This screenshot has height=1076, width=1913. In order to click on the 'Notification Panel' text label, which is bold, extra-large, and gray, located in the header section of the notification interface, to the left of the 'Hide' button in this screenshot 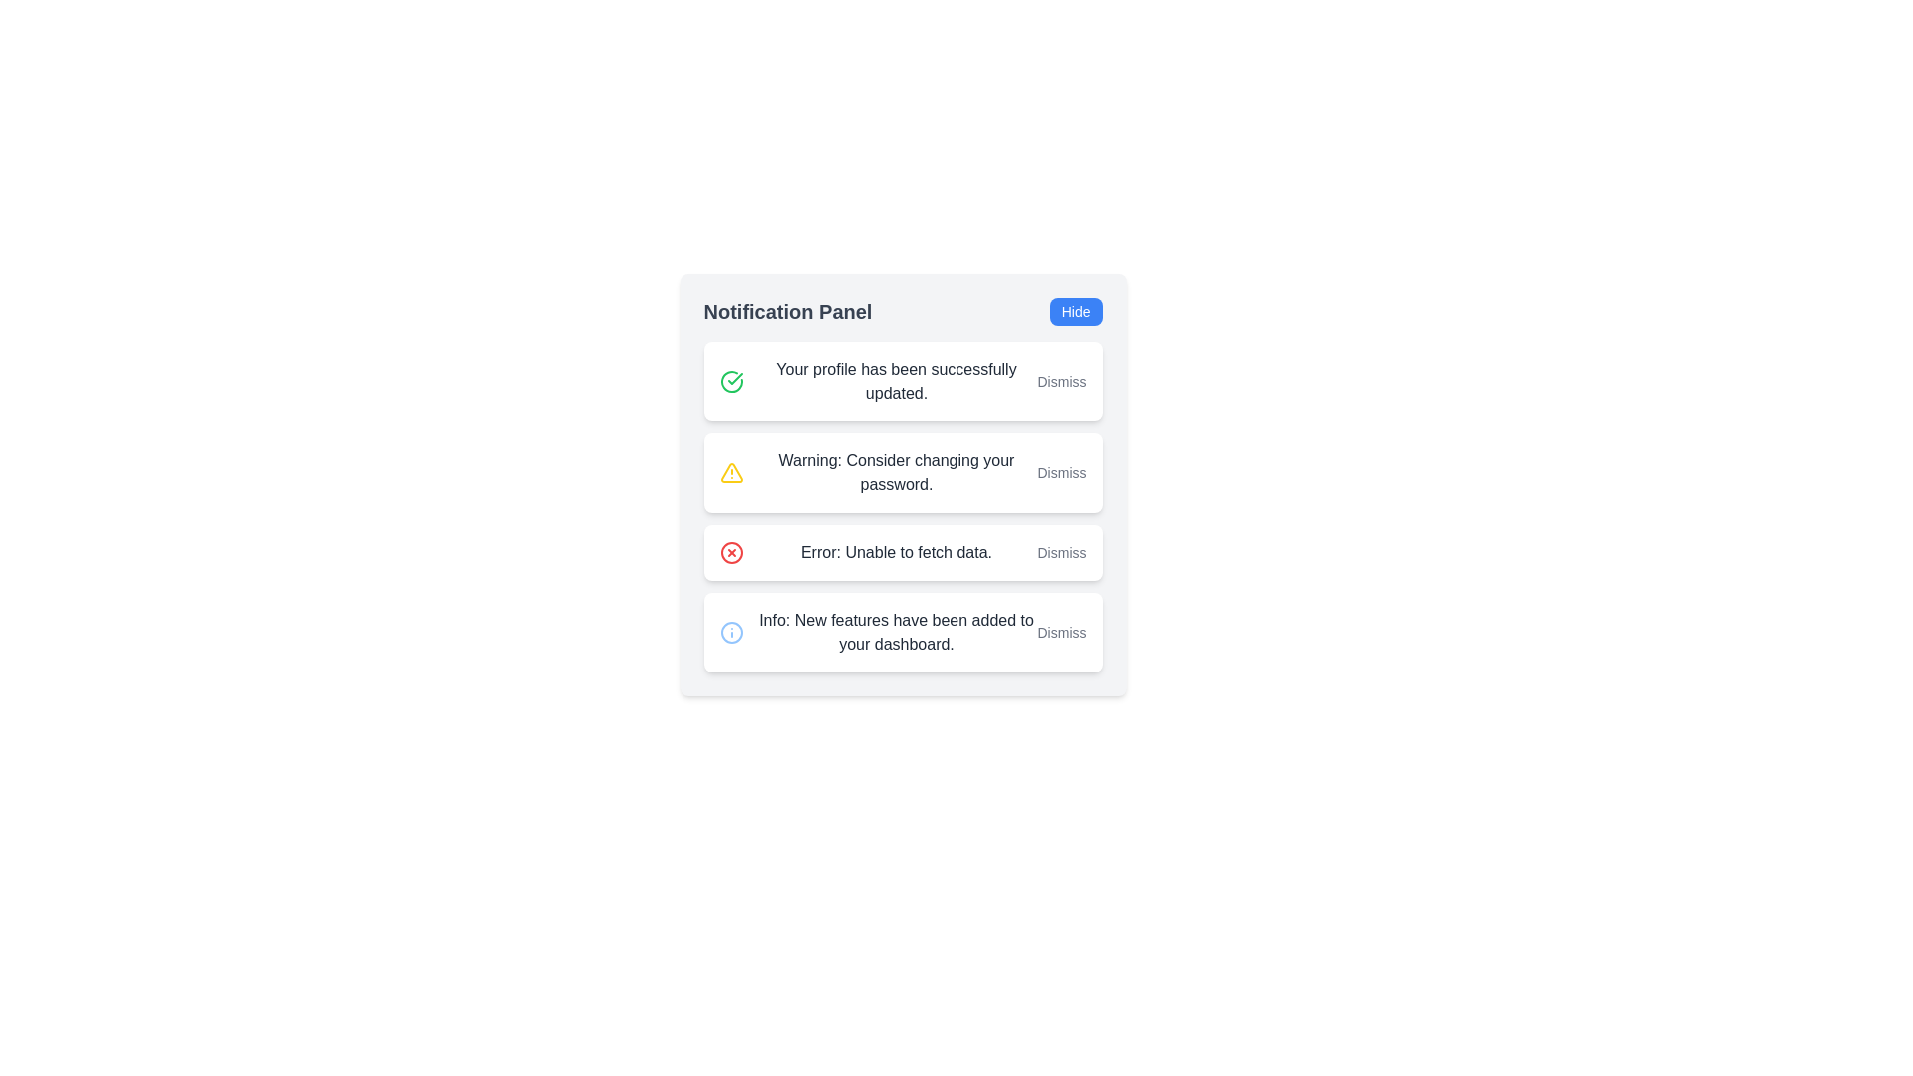, I will do `click(787, 311)`.